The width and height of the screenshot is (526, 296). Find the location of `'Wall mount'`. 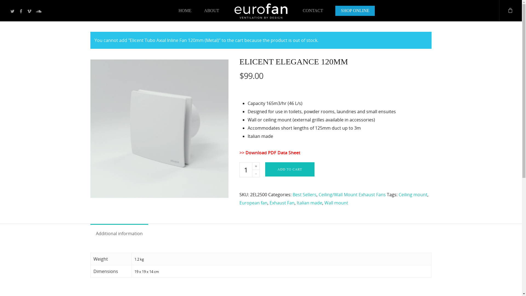

'Wall mount' is located at coordinates (324, 203).